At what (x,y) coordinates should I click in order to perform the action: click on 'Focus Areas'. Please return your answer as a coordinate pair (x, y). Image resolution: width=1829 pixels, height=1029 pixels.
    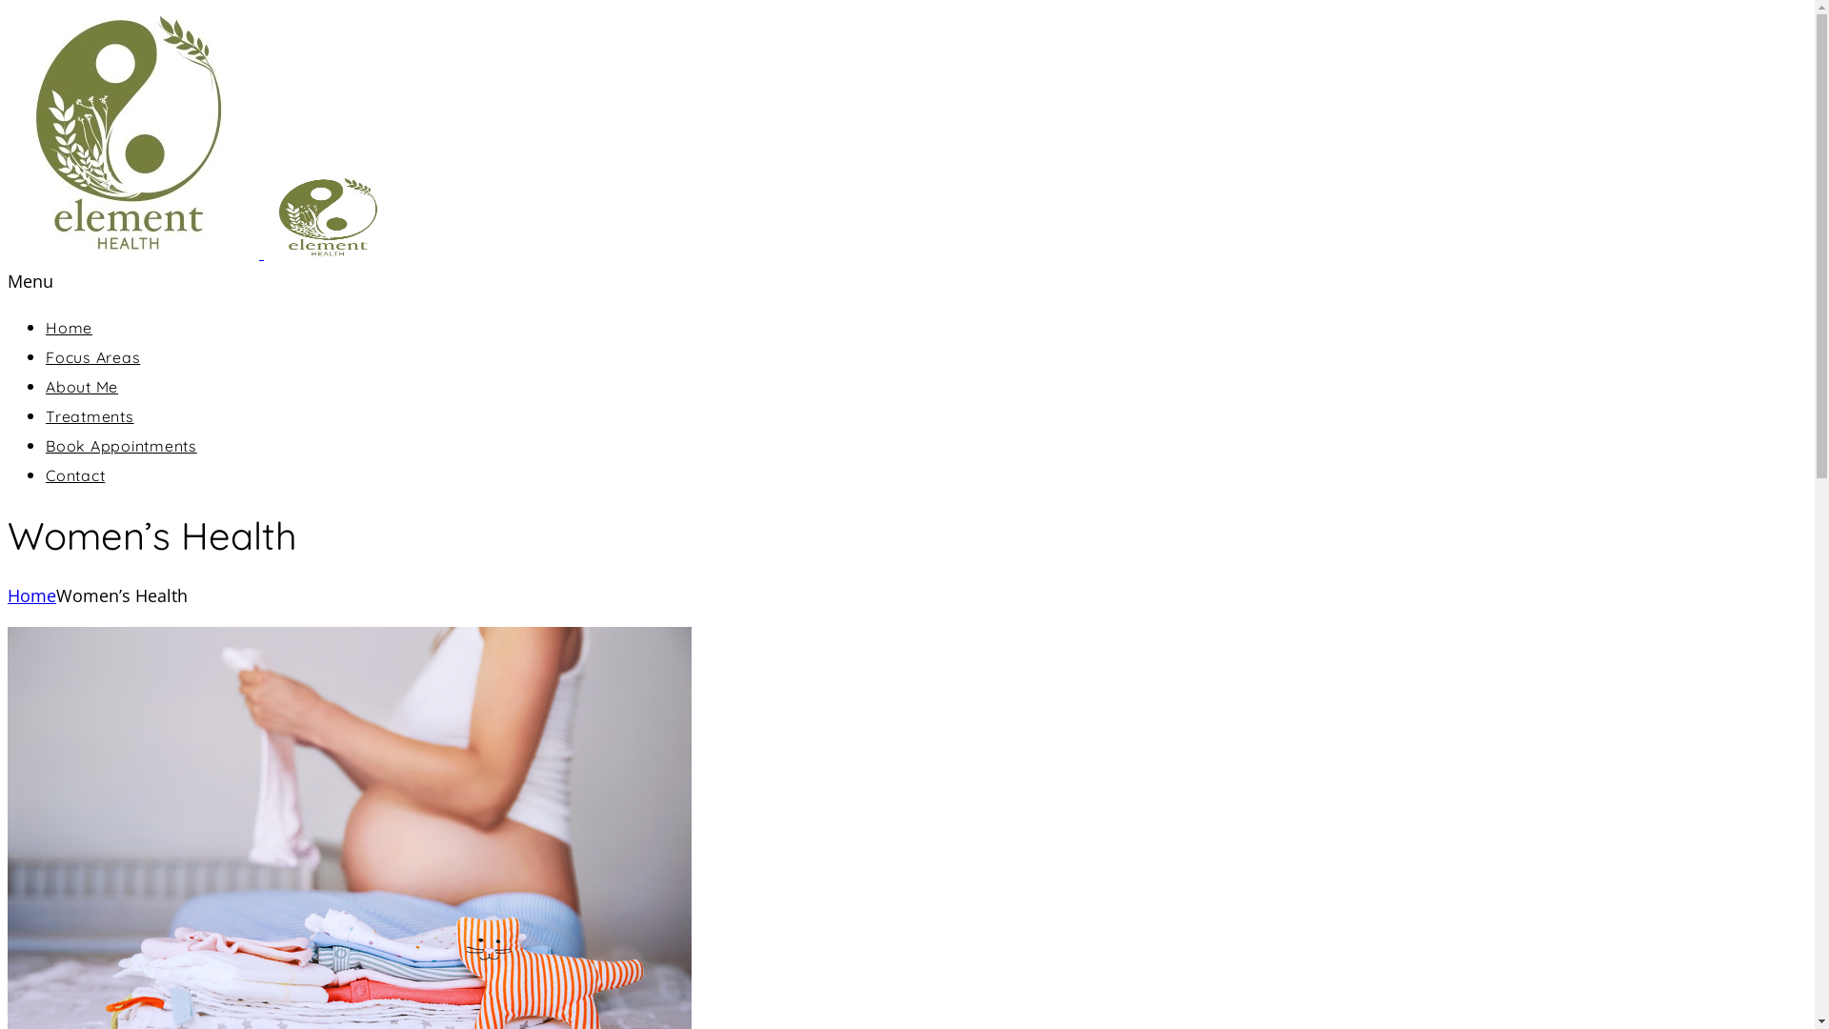
    Looking at the image, I should click on (91, 356).